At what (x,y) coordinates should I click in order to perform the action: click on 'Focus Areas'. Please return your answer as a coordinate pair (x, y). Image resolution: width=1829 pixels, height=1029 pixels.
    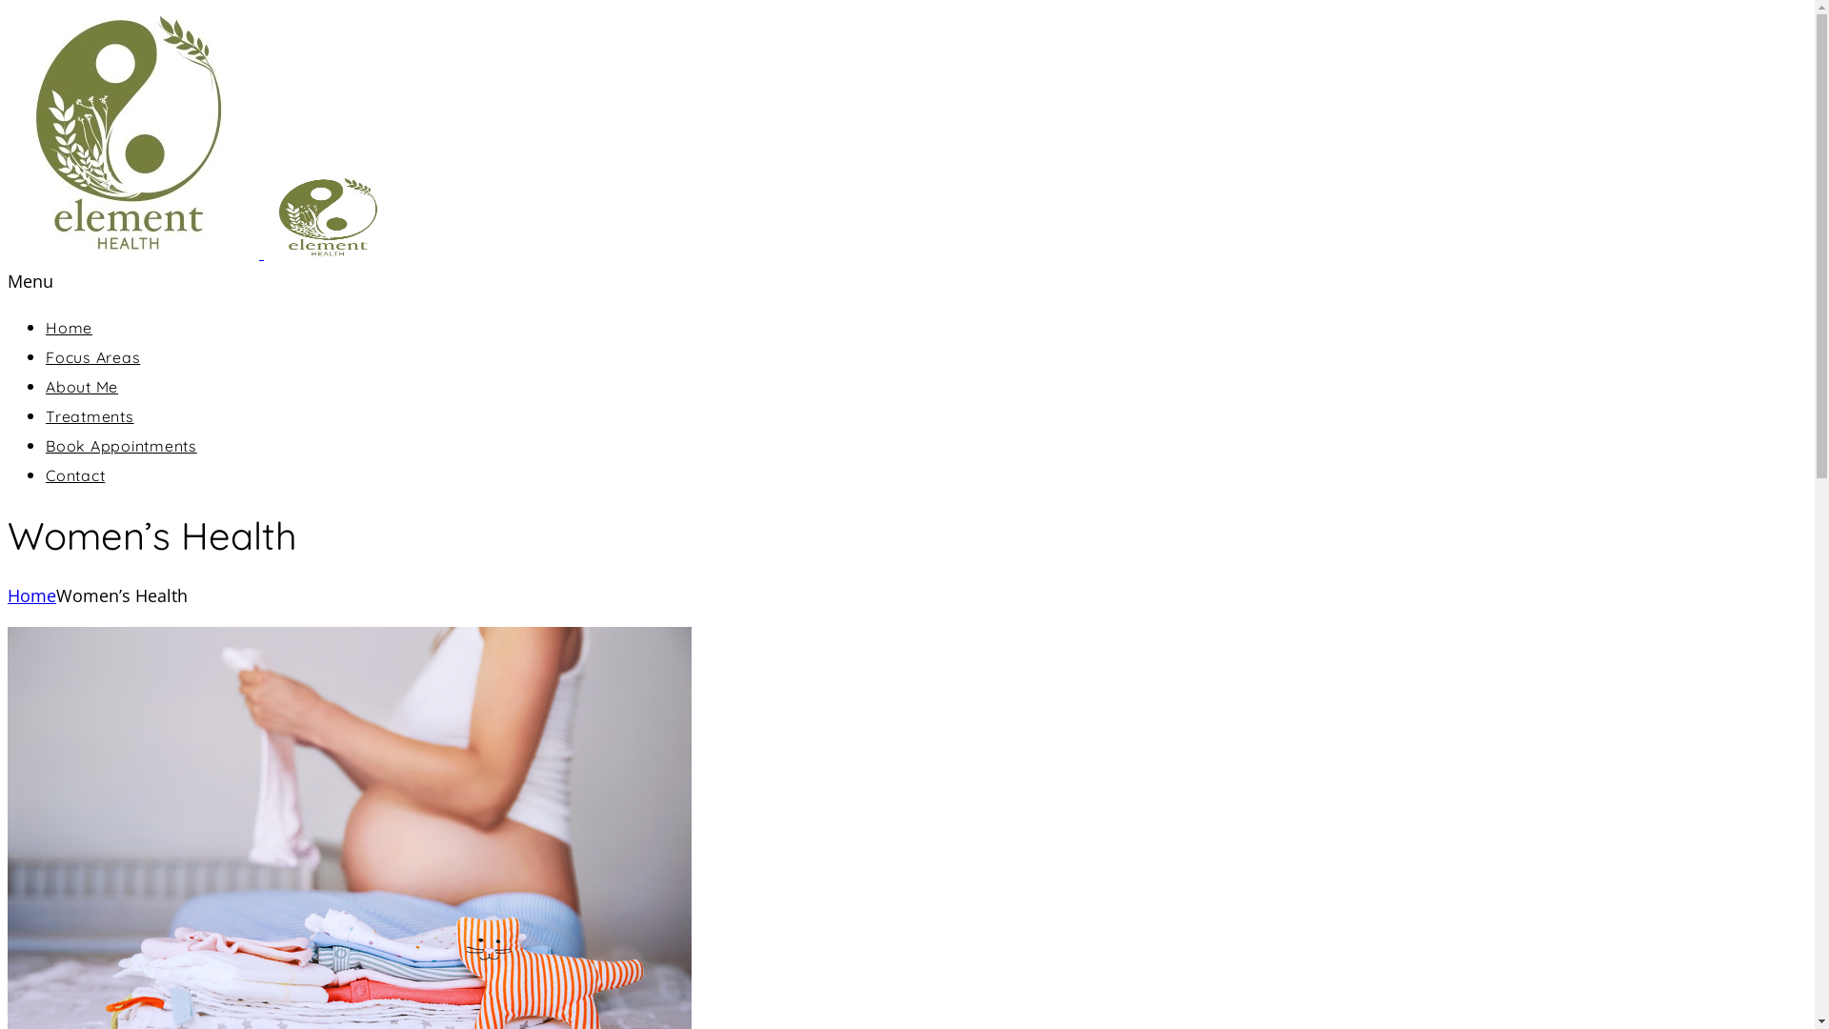
    Looking at the image, I should click on (91, 356).